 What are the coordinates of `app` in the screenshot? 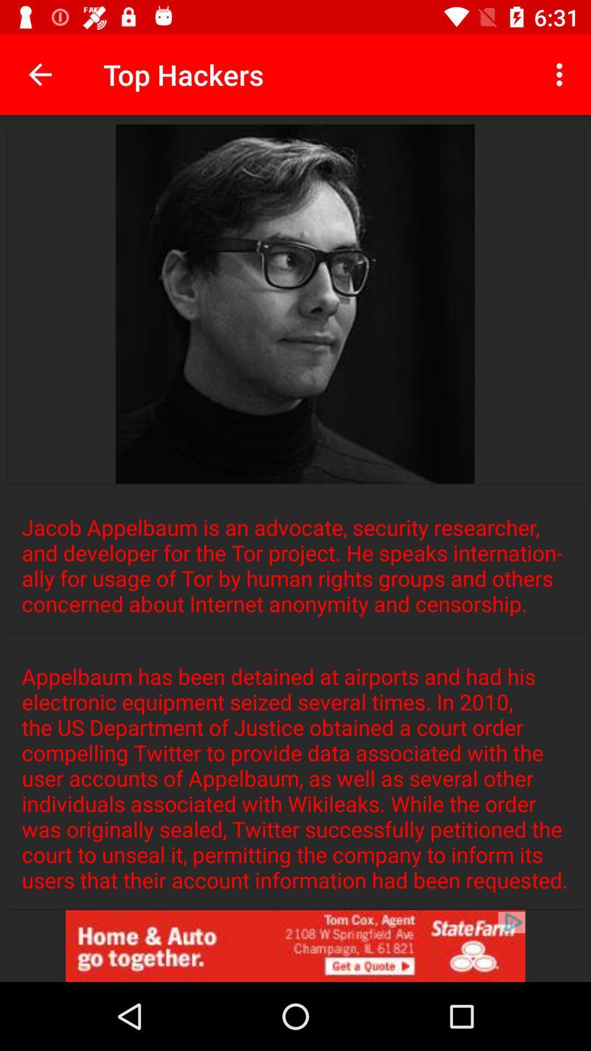 It's located at (296, 945).